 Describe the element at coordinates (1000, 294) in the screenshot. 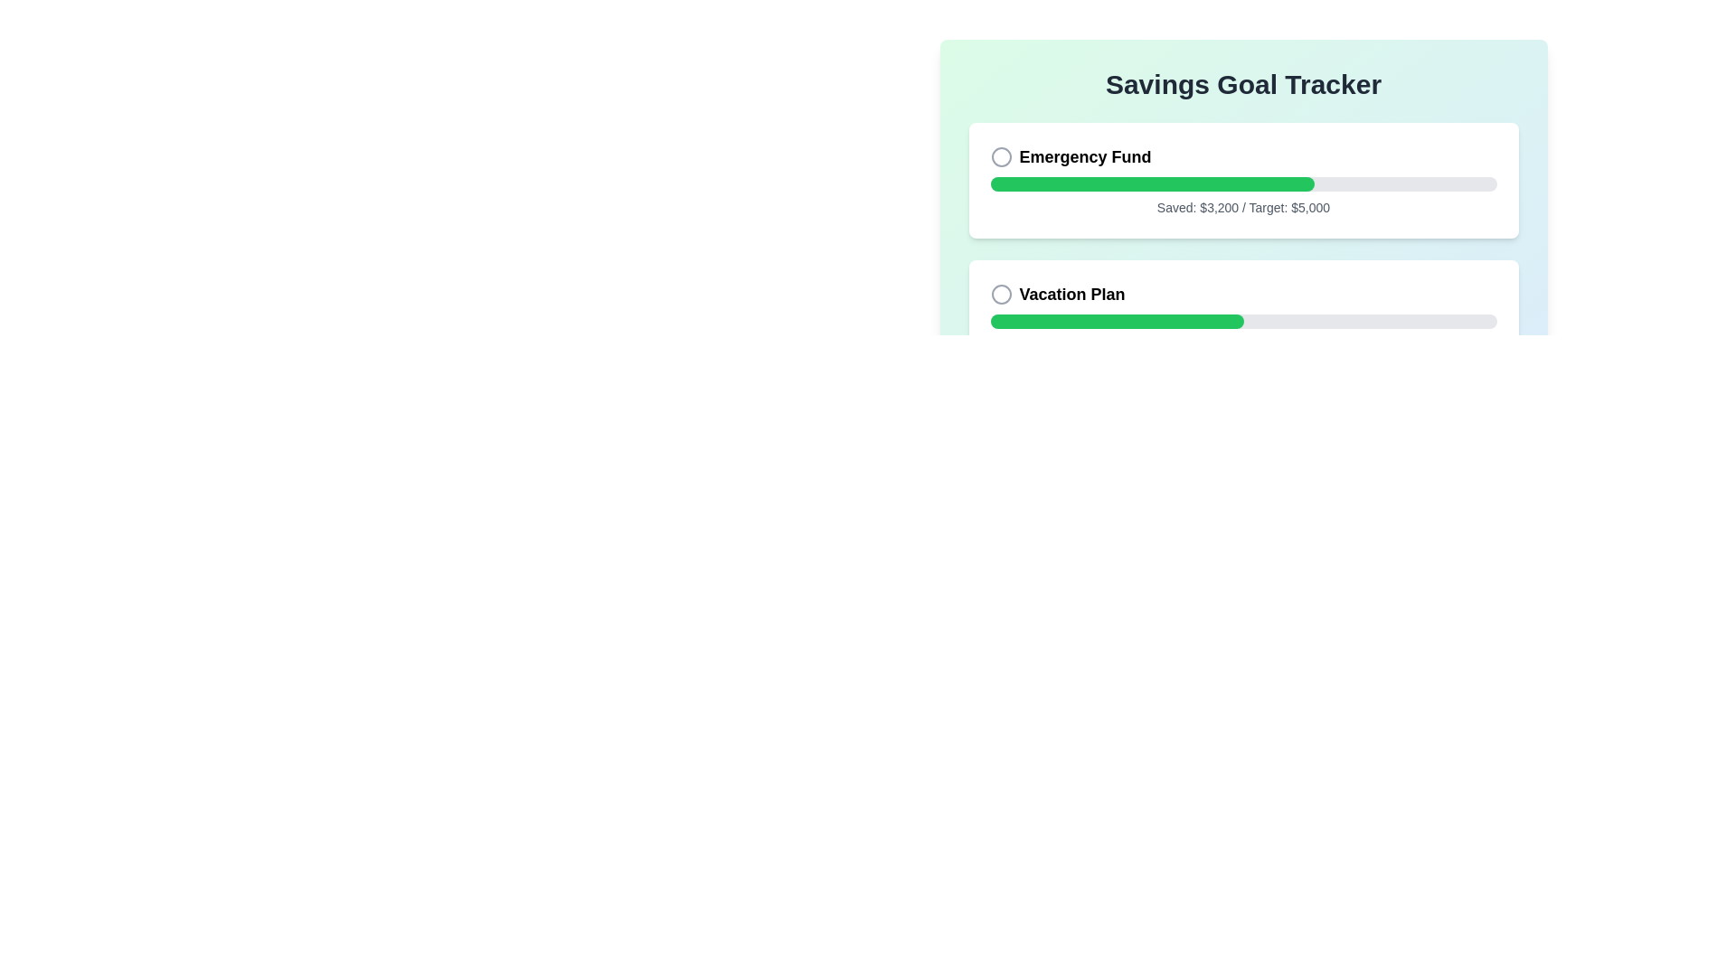

I see `the SVG-based status indicator icon located to the left of the 'Vacation Plan' text in the 'Savings Goal Tracker' interface` at that location.